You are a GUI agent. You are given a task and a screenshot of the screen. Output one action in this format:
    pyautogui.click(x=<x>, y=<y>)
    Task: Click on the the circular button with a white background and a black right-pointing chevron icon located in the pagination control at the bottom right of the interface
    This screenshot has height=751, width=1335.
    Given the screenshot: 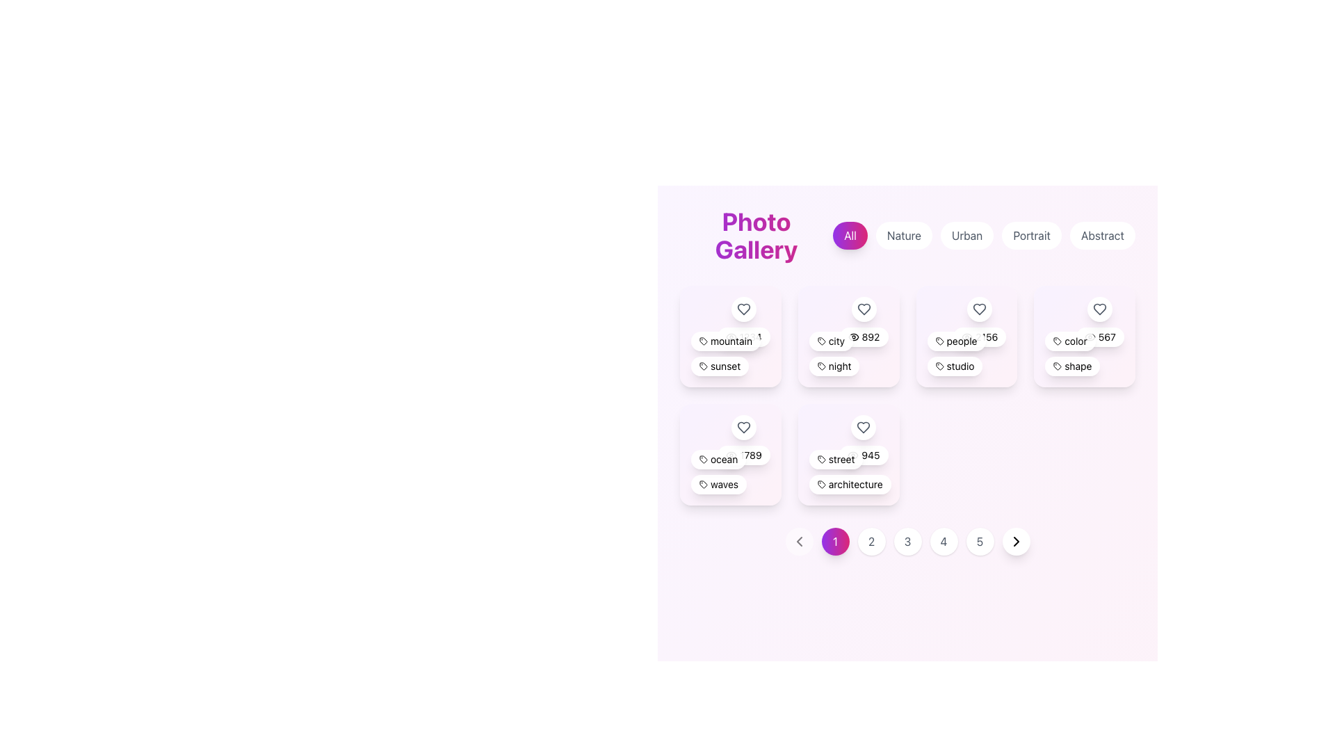 What is the action you would take?
    pyautogui.click(x=1016, y=540)
    